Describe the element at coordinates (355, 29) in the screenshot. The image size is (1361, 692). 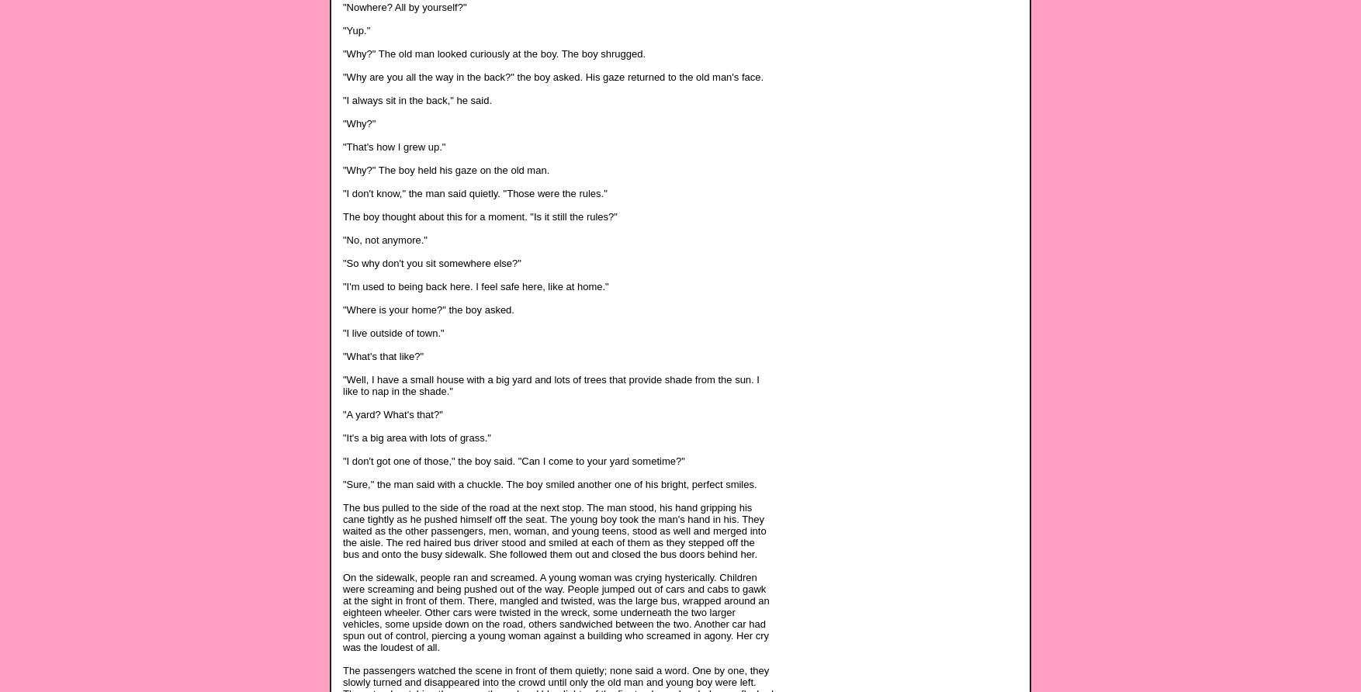
I see `'"Yup."'` at that location.